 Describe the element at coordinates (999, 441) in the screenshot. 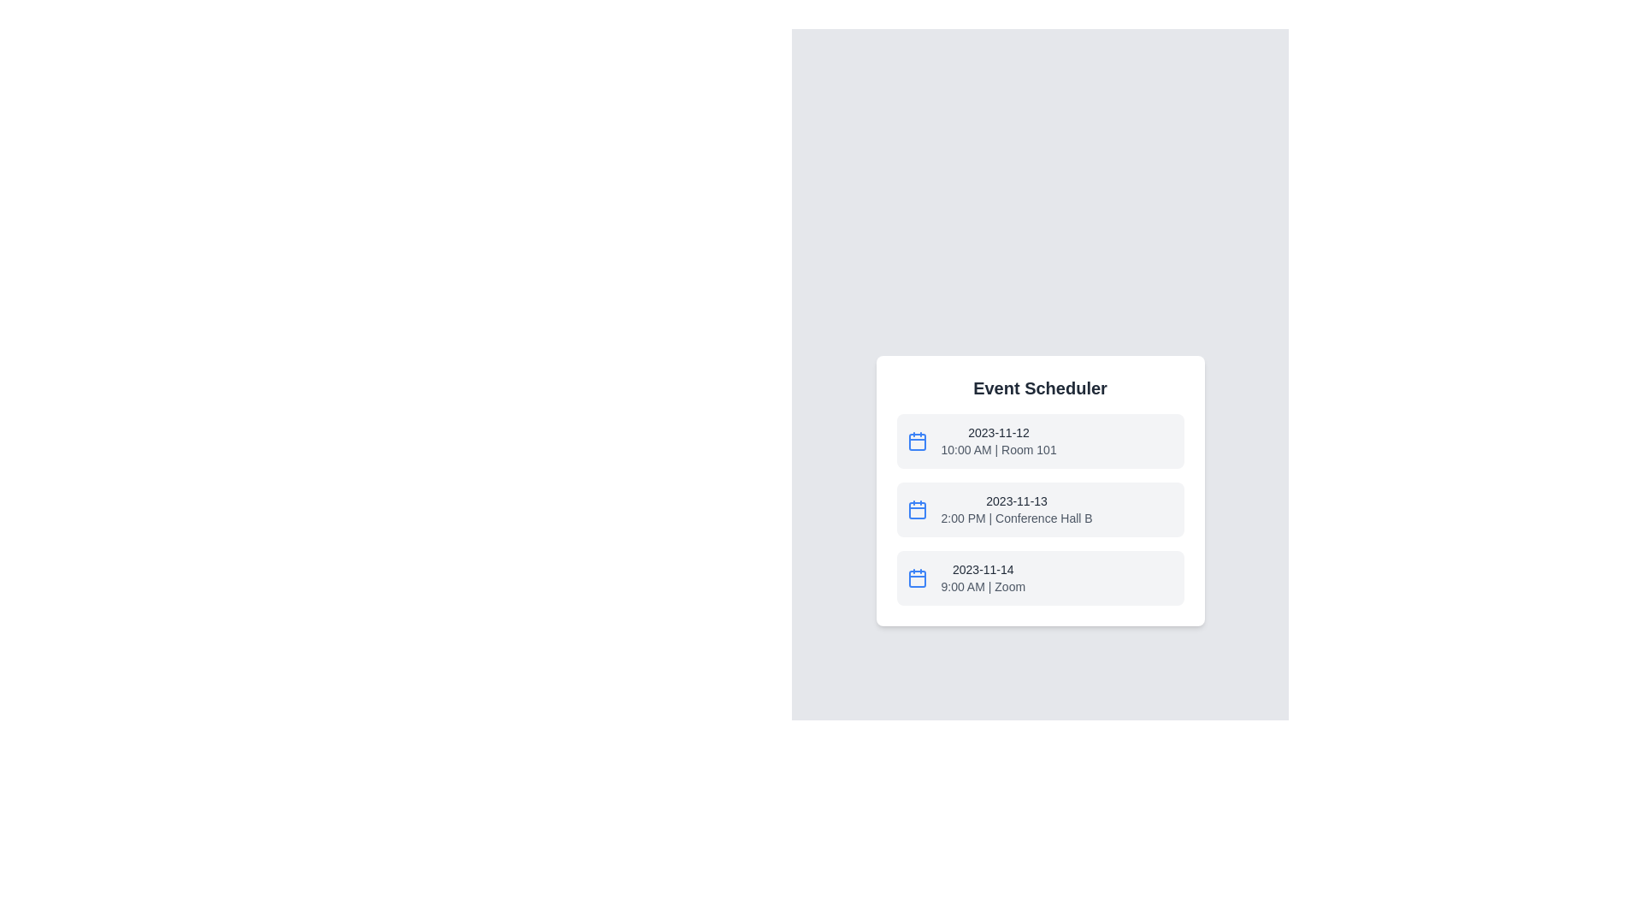

I see `the Text display field within the event card that shows '2023-11-12', '10:00 AM', and 'Room 101', positioned at the topmost slot of the event cards list under 'Event Scheduler'` at that location.